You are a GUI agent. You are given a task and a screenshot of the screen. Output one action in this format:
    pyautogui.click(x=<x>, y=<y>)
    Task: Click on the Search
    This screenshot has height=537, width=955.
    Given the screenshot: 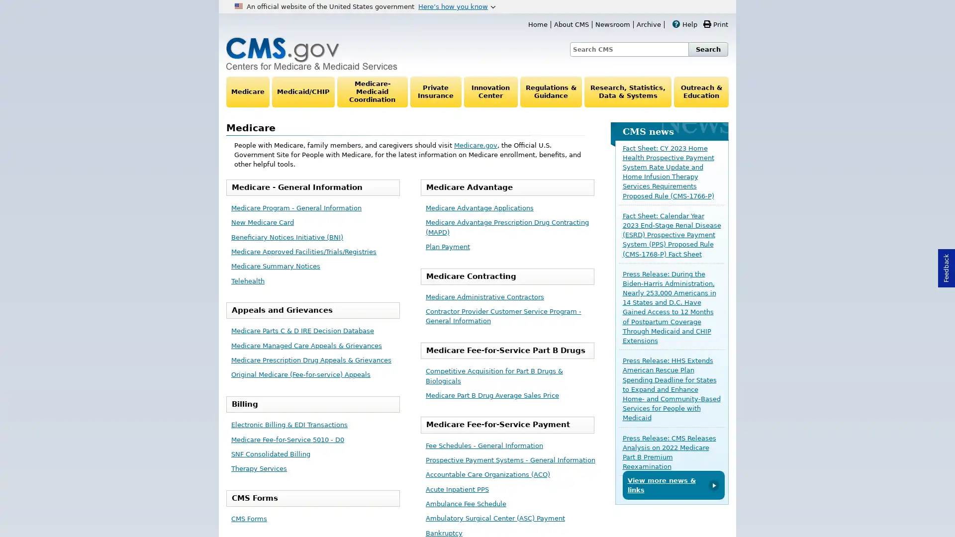 What is the action you would take?
    pyautogui.click(x=708, y=49)
    